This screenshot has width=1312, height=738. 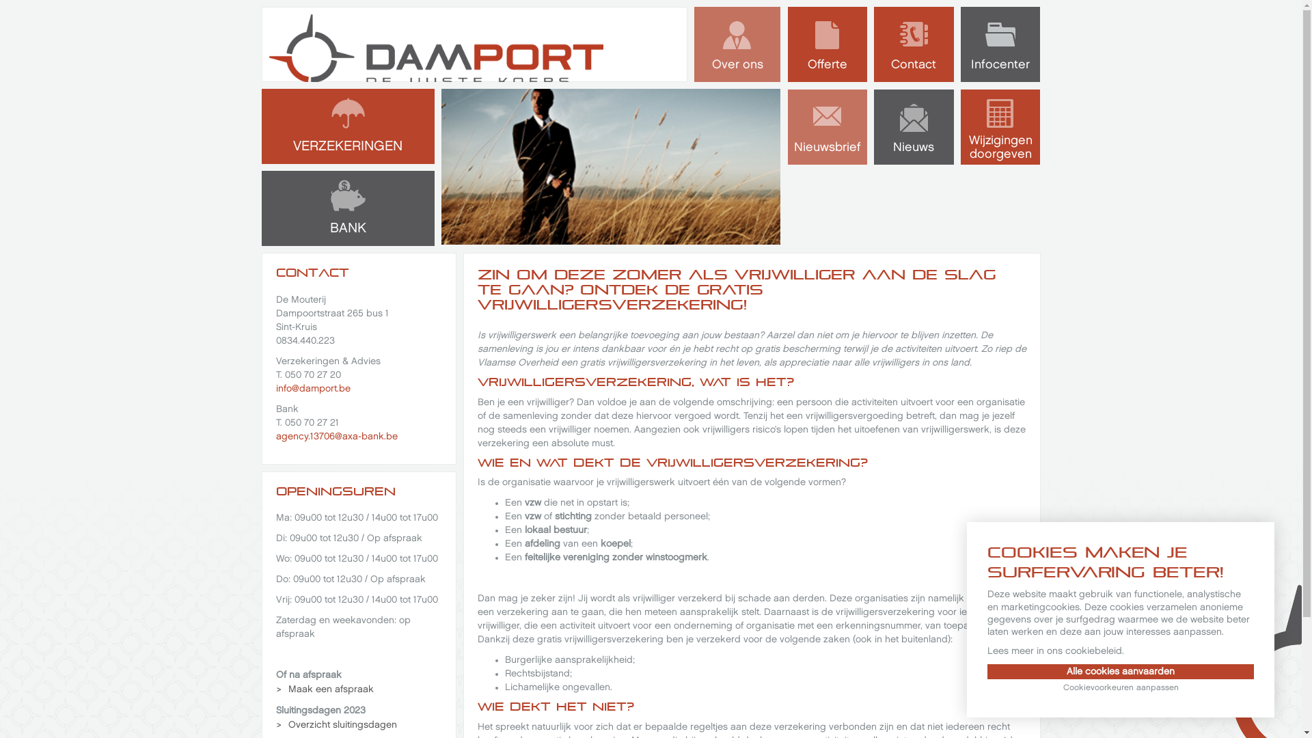 What do you see at coordinates (1084, 650) in the screenshot?
I see `'ons cookiebeleid.'` at bounding box center [1084, 650].